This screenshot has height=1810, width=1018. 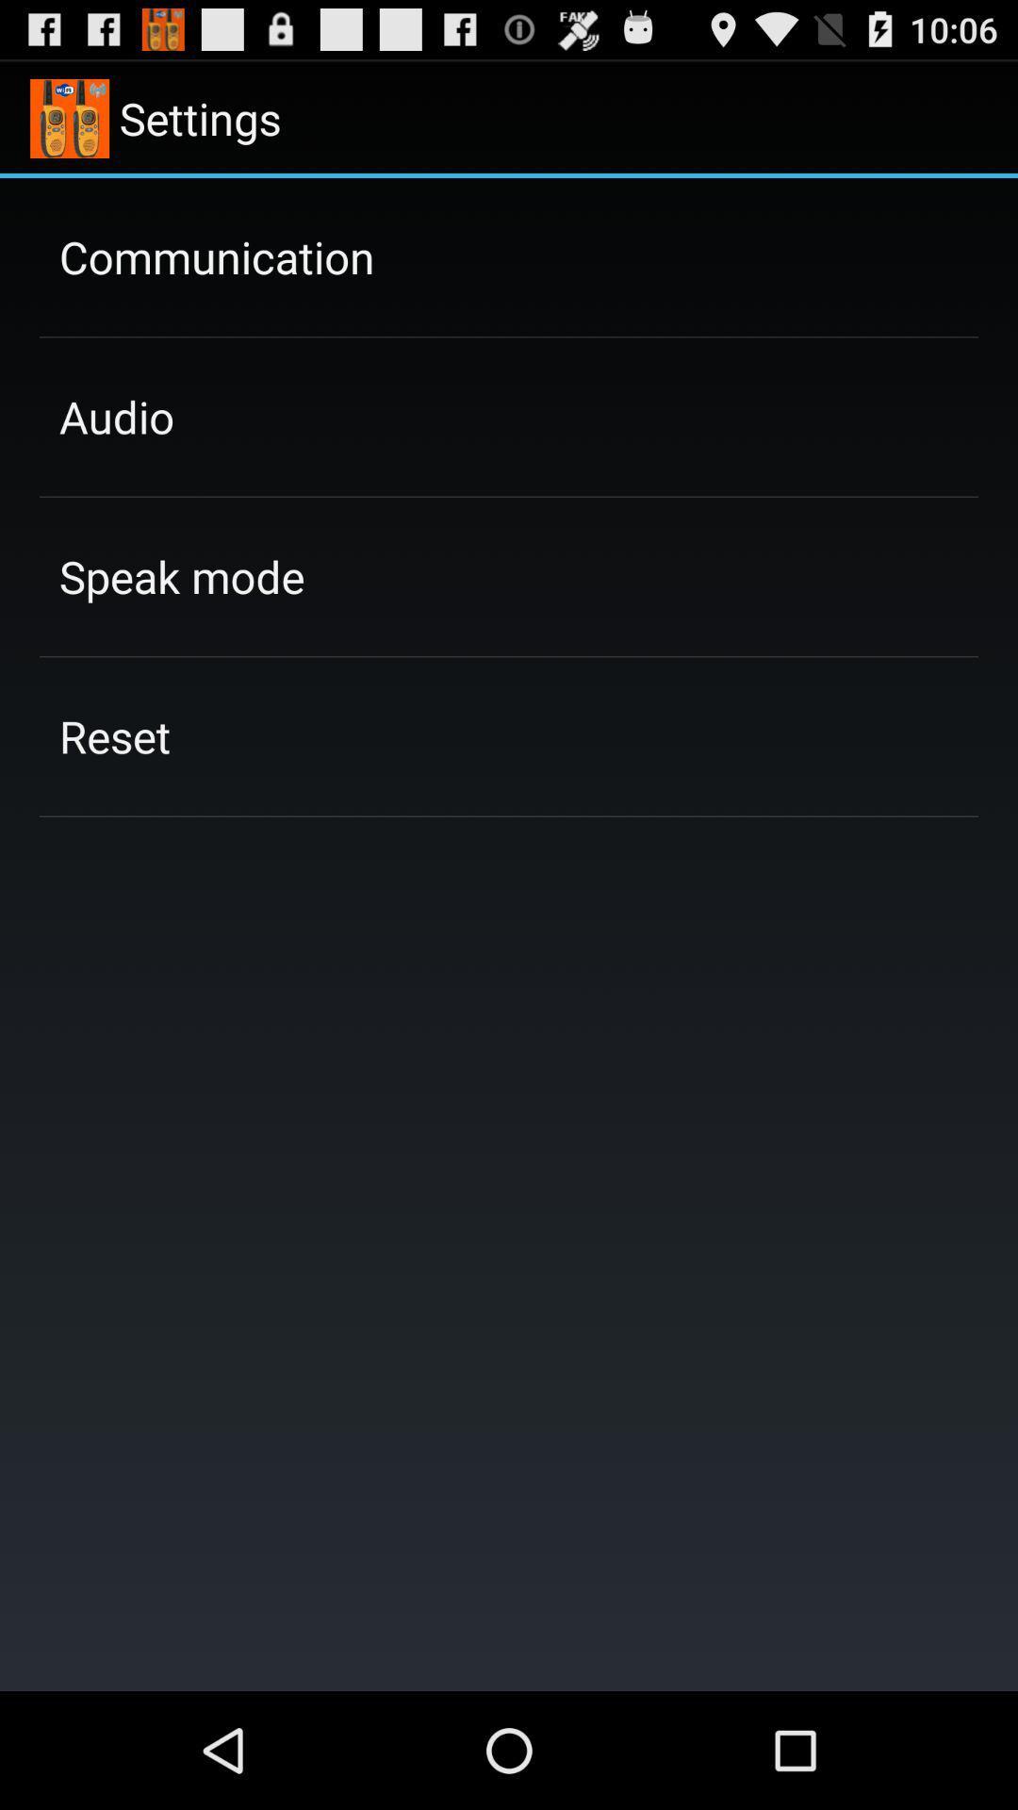 I want to click on the audio app, so click(x=117, y=416).